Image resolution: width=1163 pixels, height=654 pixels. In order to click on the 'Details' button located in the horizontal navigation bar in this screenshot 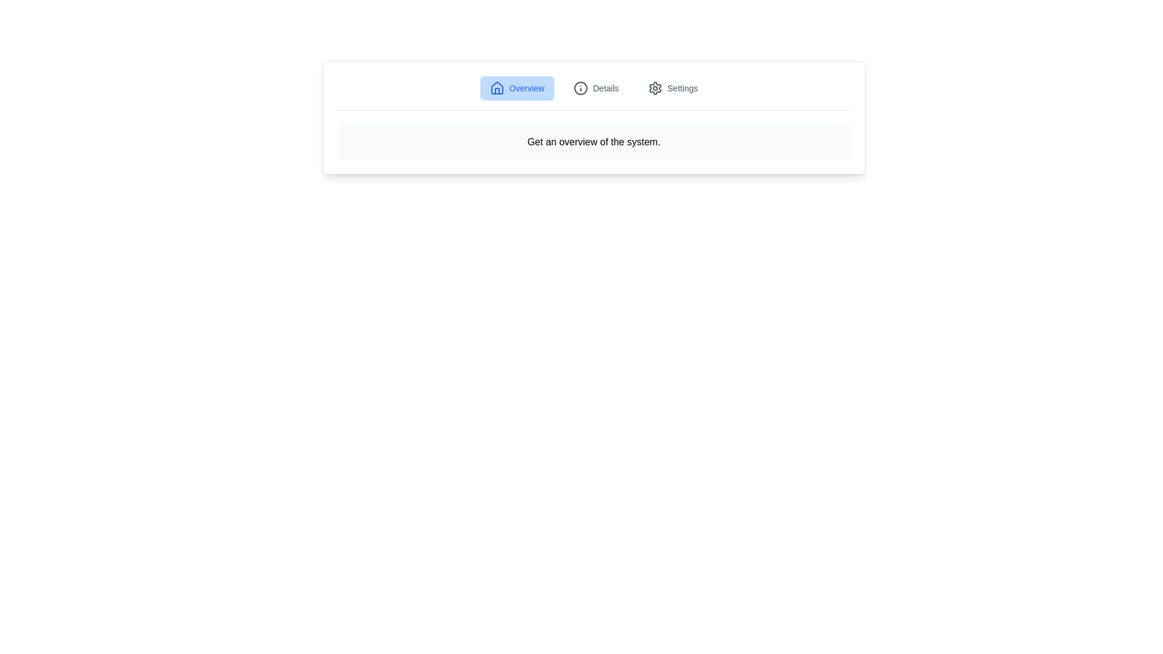, I will do `click(596, 88)`.